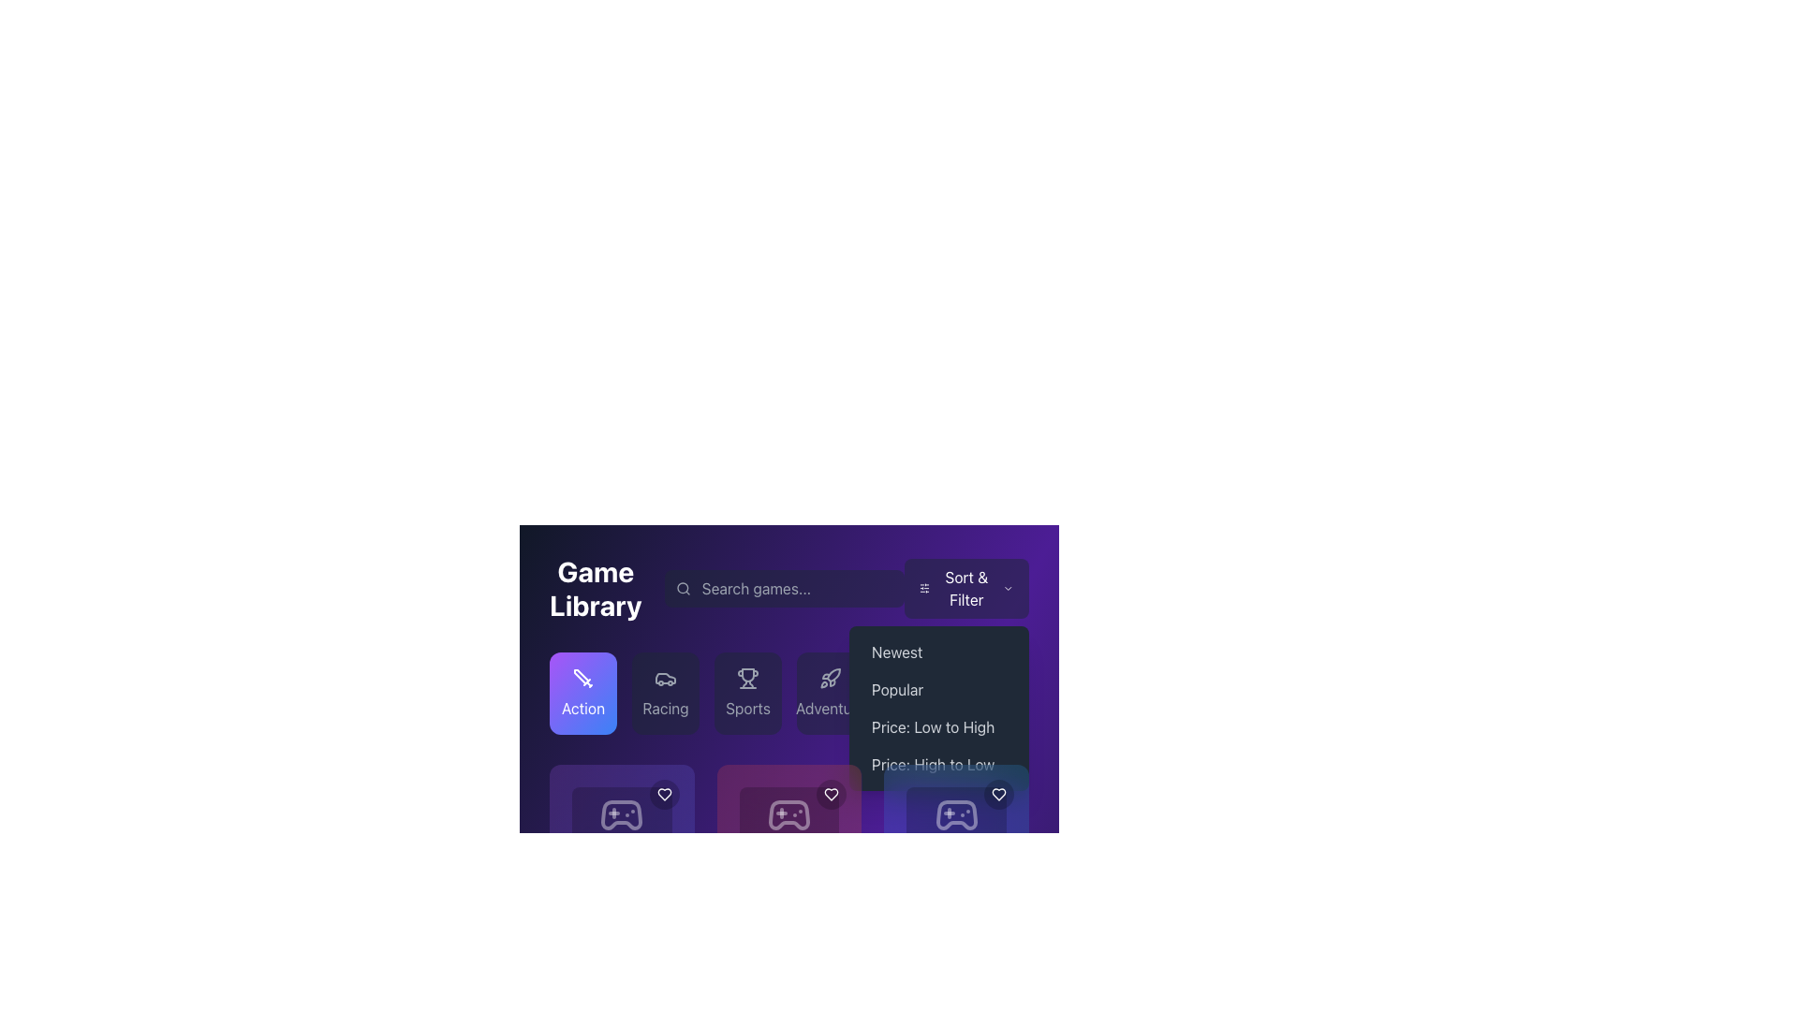 The width and height of the screenshot is (1798, 1011). What do you see at coordinates (582, 679) in the screenshot?
I see `the sword icon, which is an outline-style icon representing the 'Action' category in the top-left area of the grid of category cards below the 'Game Library' title` at bounding box center [582, 679].